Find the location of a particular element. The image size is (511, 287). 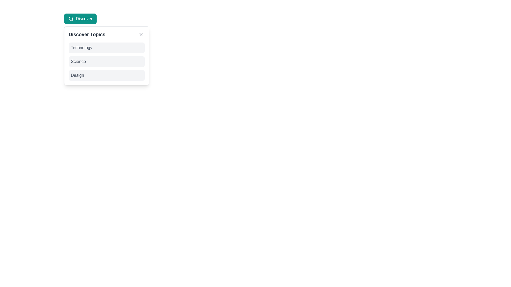

the 'Design' button-like list item, which is a rectangular component with rounded corners and light gray color is located at coordinates (106, 75).